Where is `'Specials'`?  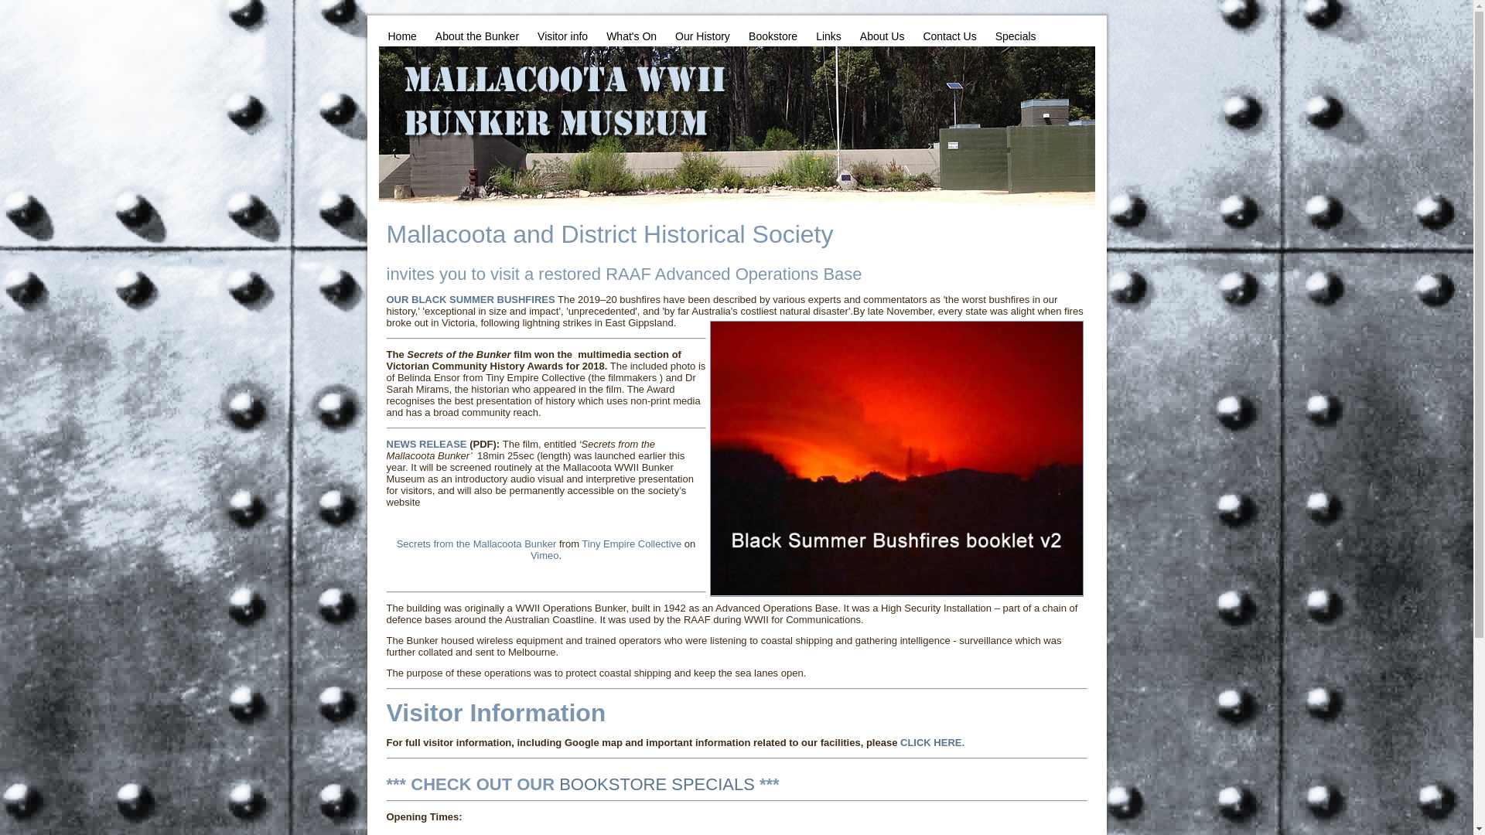 'Specials' is located at coordinates (1016, 36).